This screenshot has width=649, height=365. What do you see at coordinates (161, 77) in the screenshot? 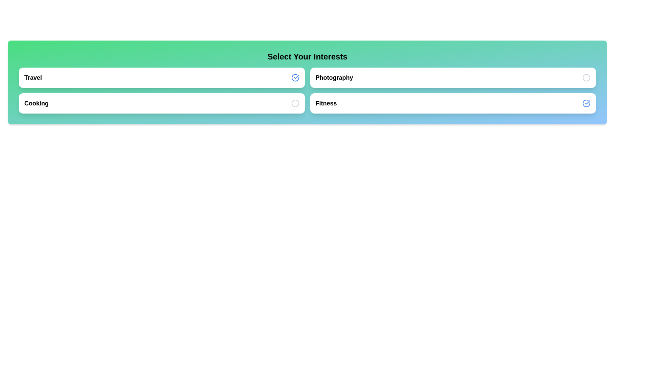
I see `the interest item labeled 'Travel' to toggle its selection state` at bounding box center [161, 77].